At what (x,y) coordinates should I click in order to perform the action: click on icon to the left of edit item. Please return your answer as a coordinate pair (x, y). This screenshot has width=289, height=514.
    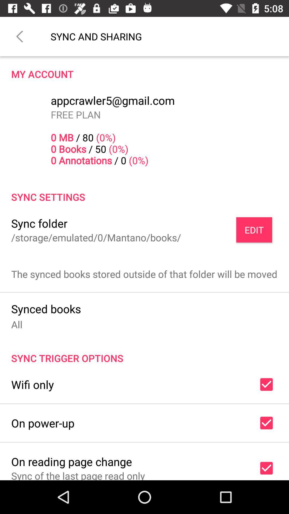
    Looking at the image, I should click on (39, 223).